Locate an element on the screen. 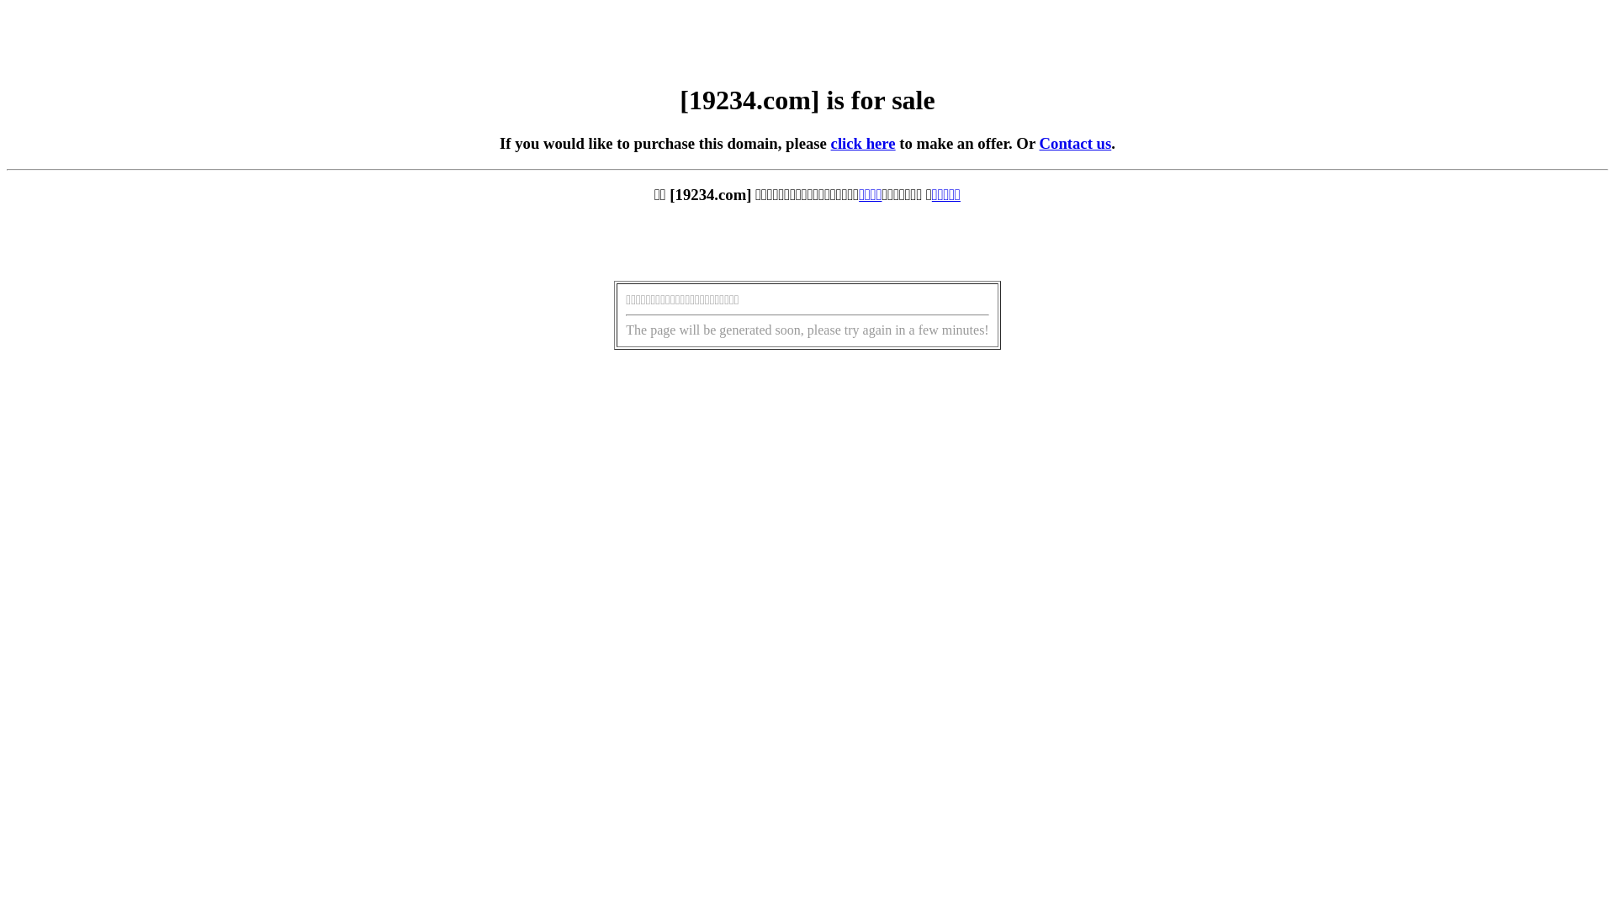  'click here' is located at coordinates (863, 142).